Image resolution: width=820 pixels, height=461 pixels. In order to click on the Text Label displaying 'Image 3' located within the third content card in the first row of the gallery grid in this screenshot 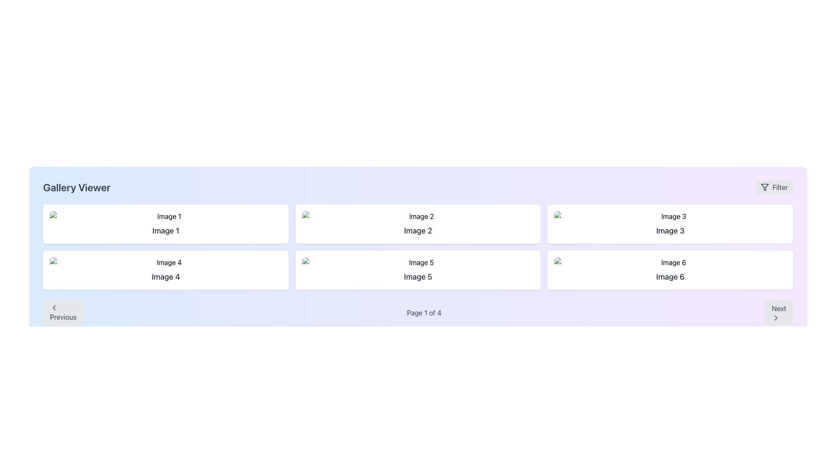, I will do `click(670, 230)`.